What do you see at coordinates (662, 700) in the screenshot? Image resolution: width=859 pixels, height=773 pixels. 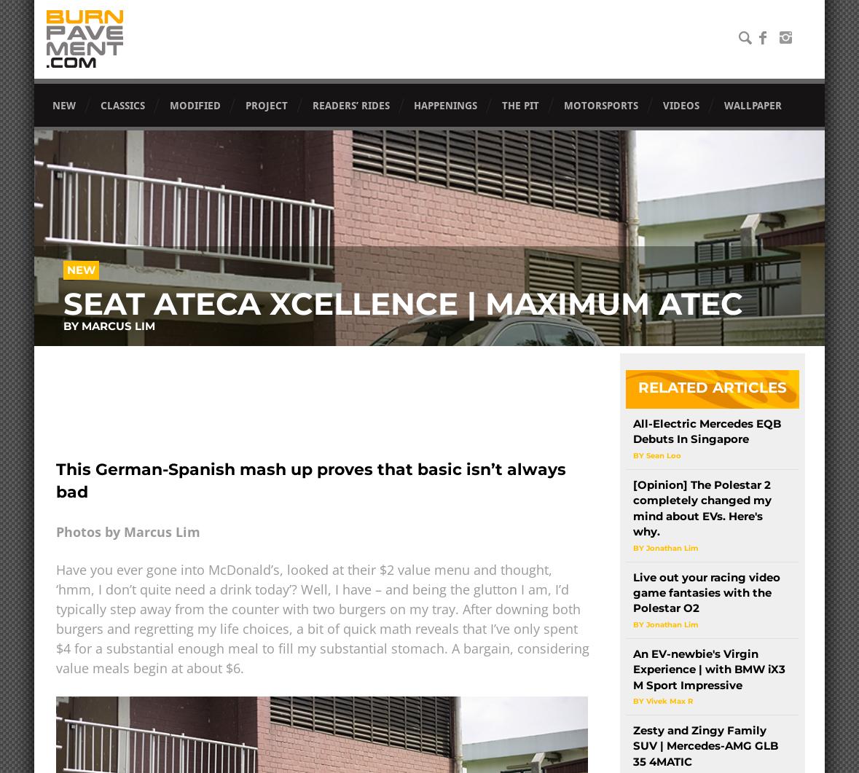 I see `'BY Vivek Max R'` at bounding box center [662, 700].